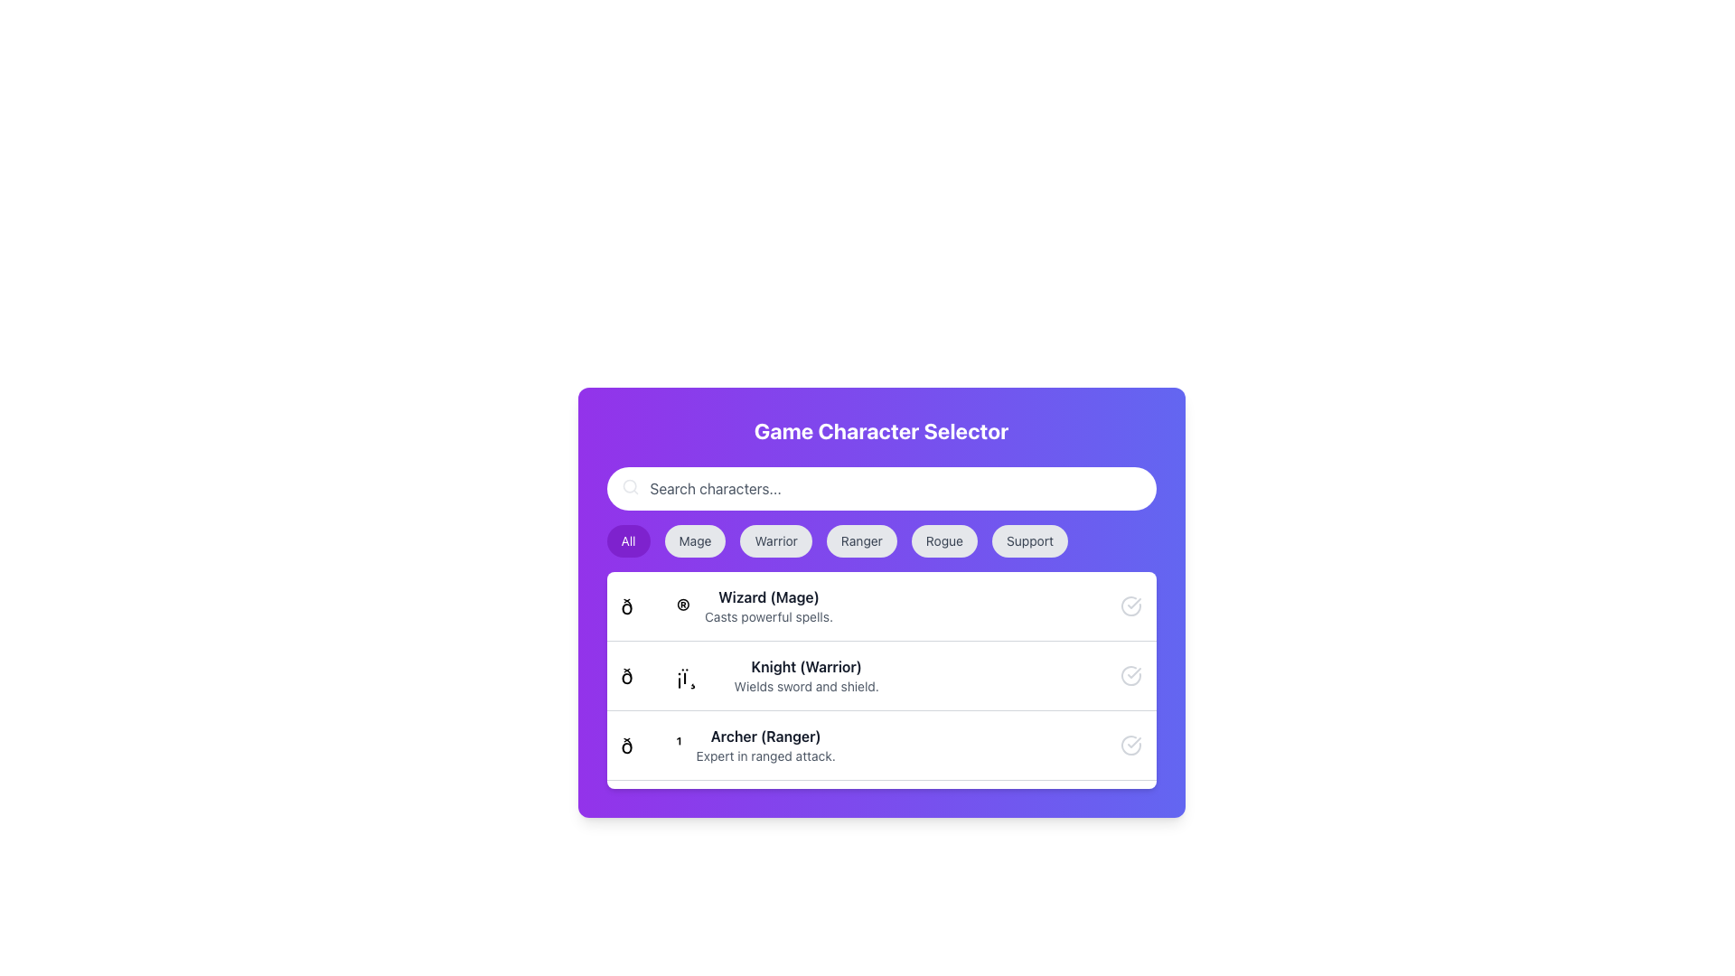  Describe the element at coordinates (881, 606) in the screenshot. I see `the first row of the character class list` at that location.